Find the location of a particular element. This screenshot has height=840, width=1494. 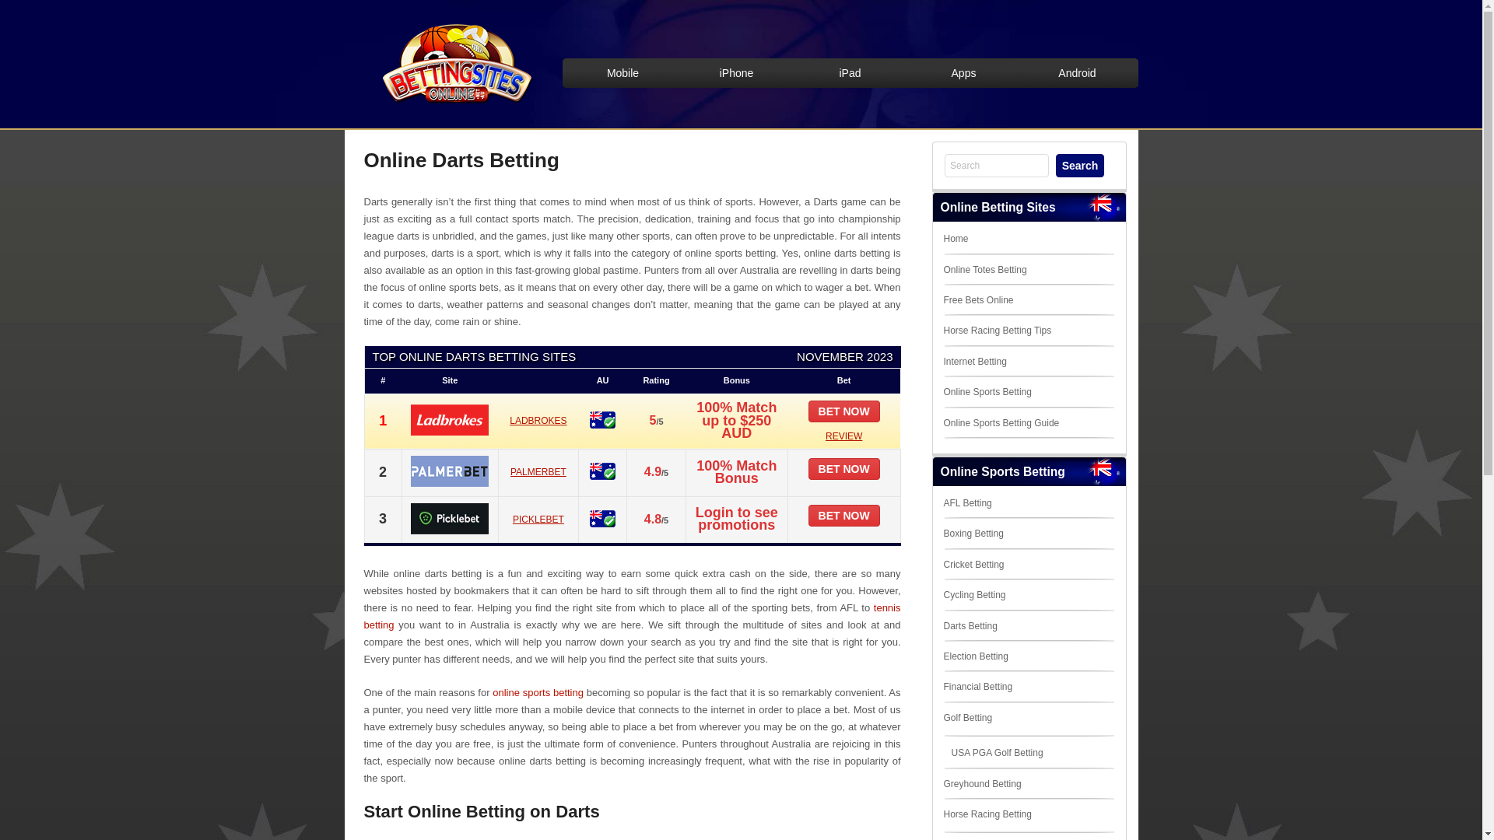

'Android' is located at coordinates (1020, 72).